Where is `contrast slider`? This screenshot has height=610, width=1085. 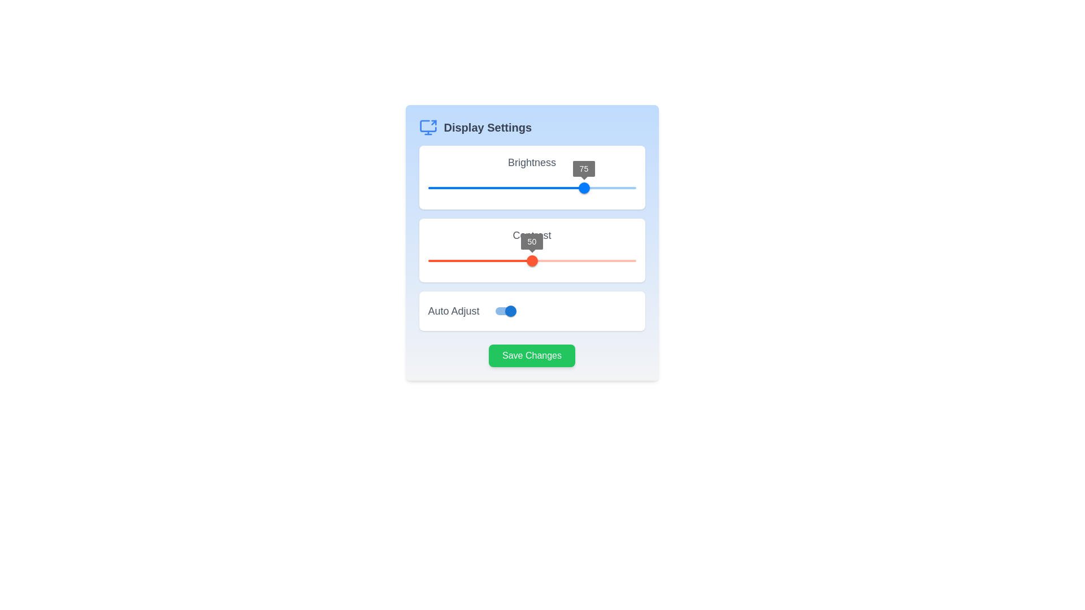
contrast slider is located at coordinates (482, 261).